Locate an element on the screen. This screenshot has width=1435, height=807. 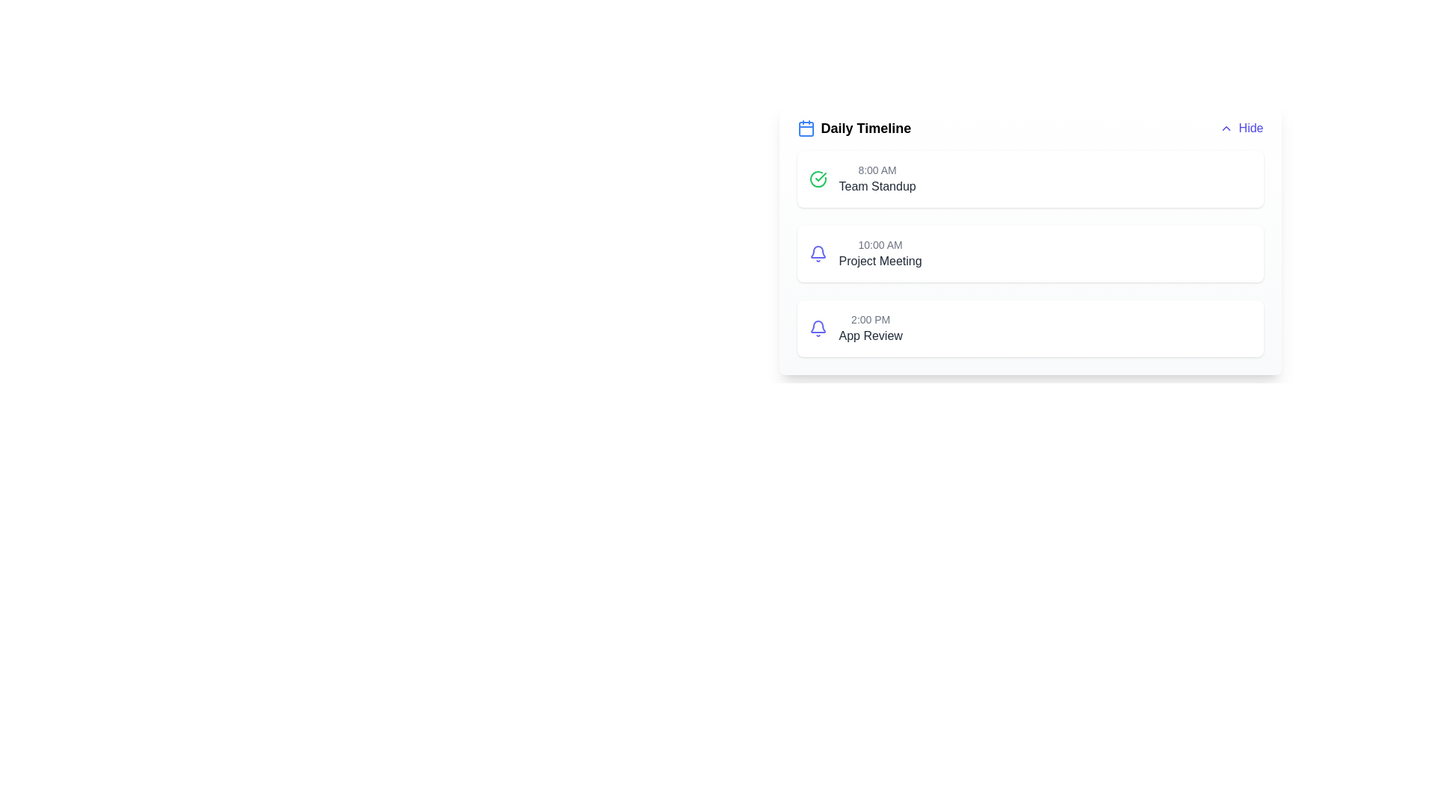
text from the Text Label that serves as the title for the daily schedule section, located to the right of the calendar icon is located at coordinates (865, 128).